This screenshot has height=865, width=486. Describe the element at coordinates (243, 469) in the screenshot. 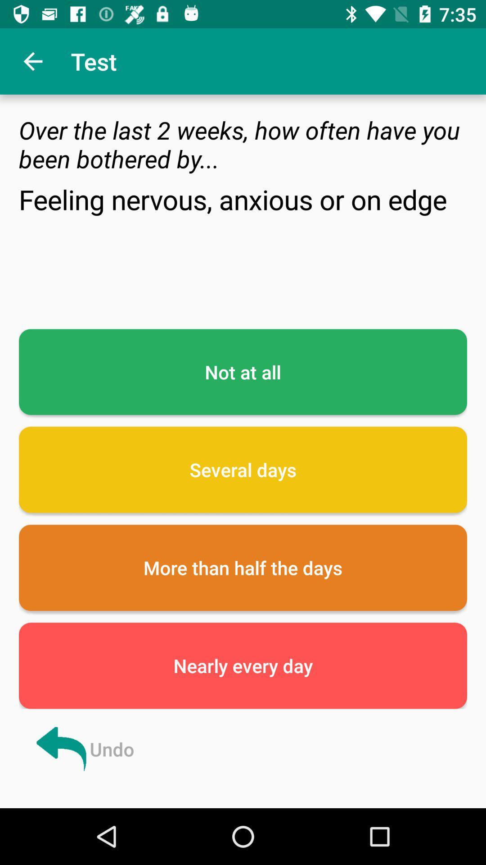

I see `icon below the not at all icon` at that location.